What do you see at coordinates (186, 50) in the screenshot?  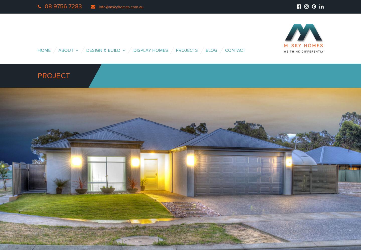 I see `'Projects'` at bounding box center [186, 50].